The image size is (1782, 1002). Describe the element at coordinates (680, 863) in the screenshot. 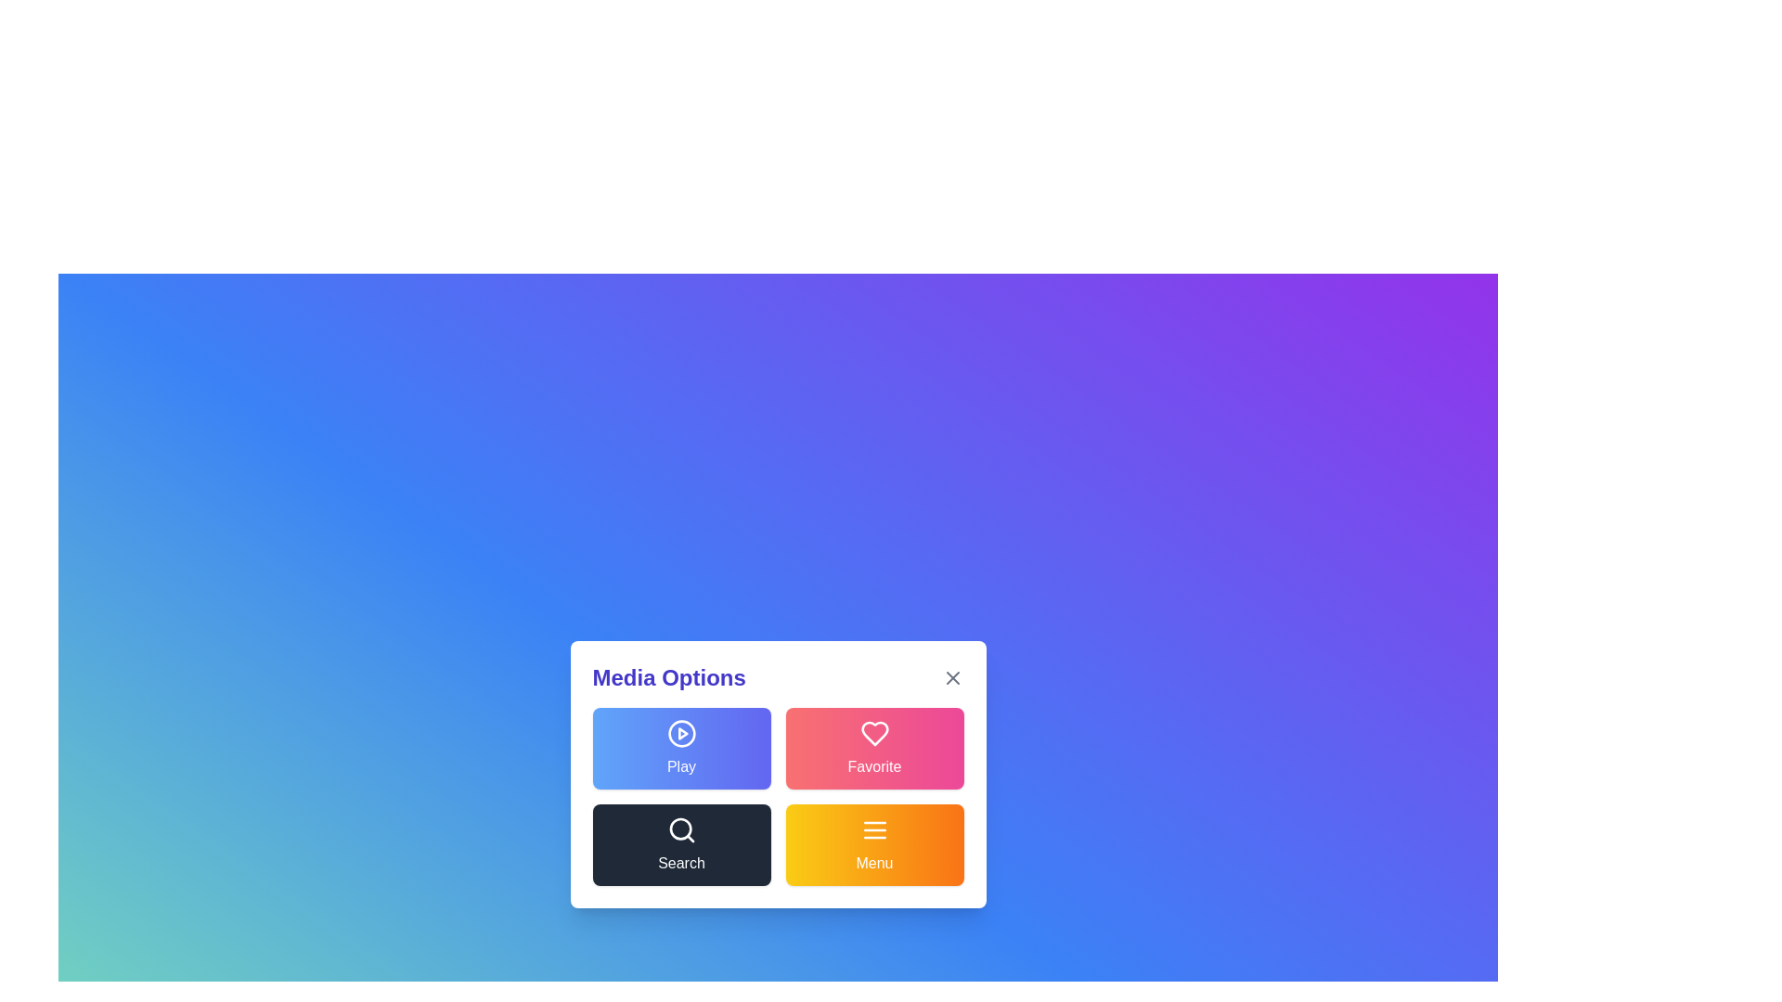

I see `the 'Search' text label inside the bottom-left button of the 'Media Options' modal, which is styled in a straightforward layout and features a magnifying glass icon above it` at that location.